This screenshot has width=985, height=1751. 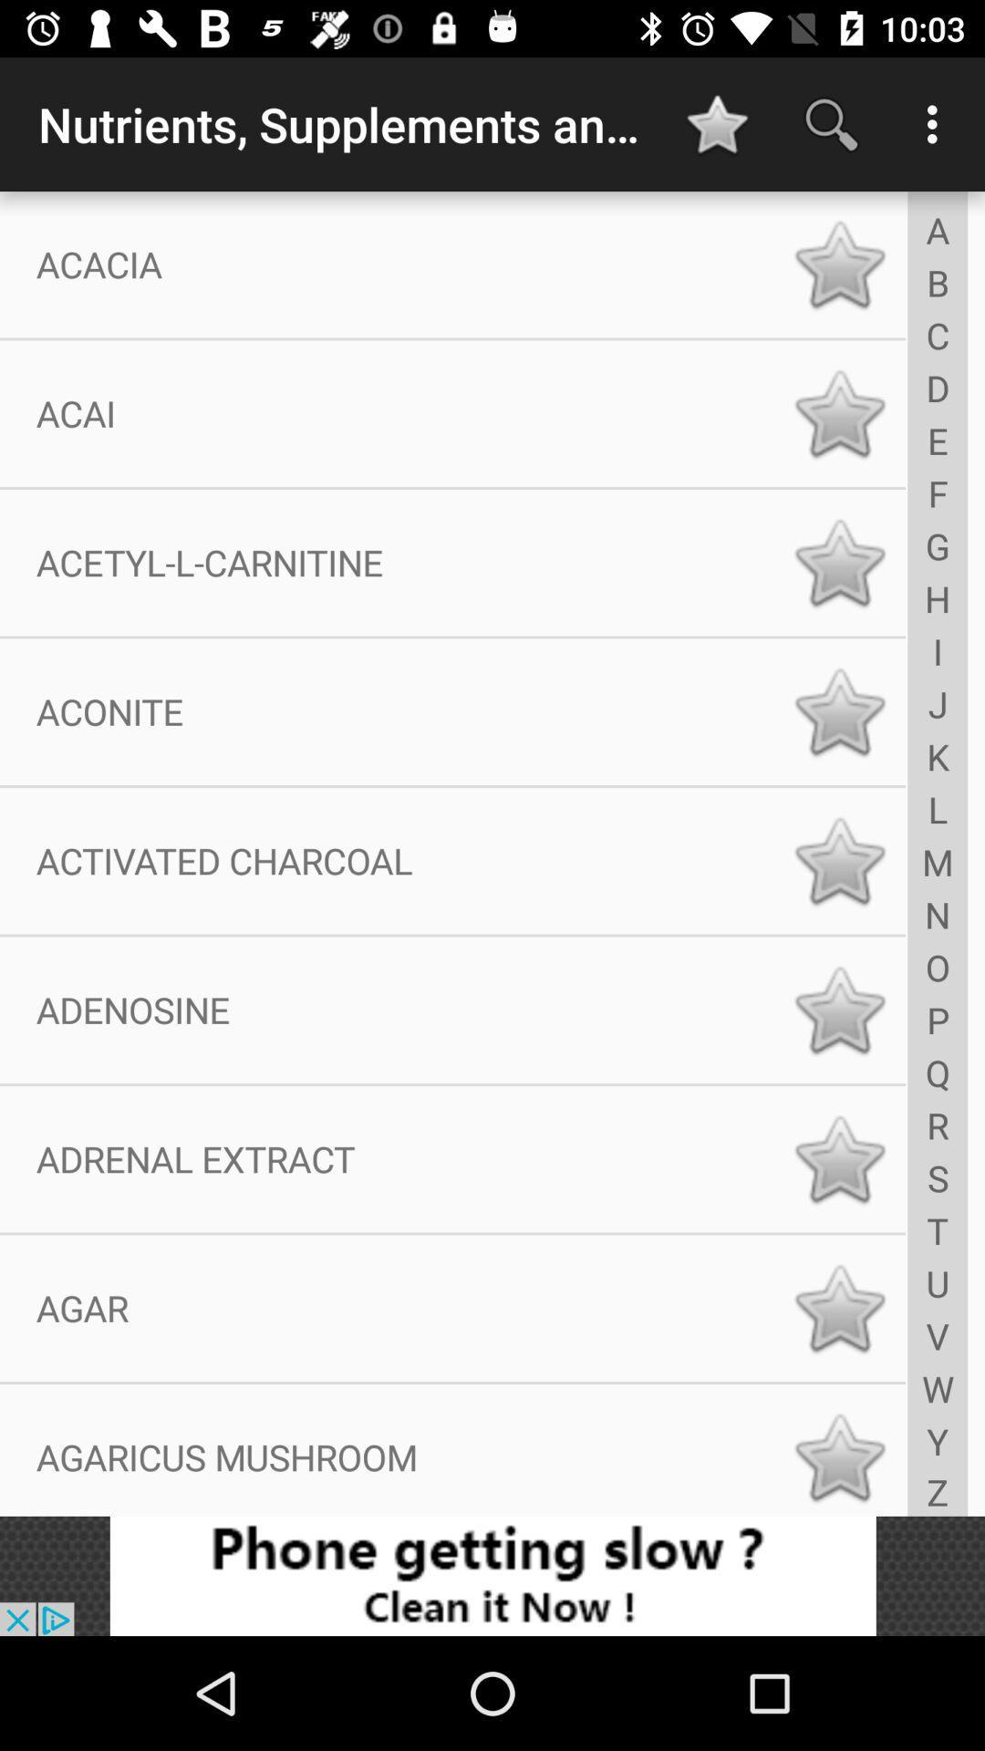 I want to click on favorite status of adenosine, so click(x=839, y=1009).